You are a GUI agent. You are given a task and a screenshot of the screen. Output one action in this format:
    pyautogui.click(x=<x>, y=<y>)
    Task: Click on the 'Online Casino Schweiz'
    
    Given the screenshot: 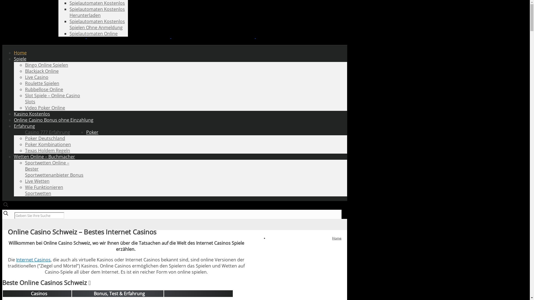 What is the action you would take?
    pyautogui.click(x=170, y=36)
    